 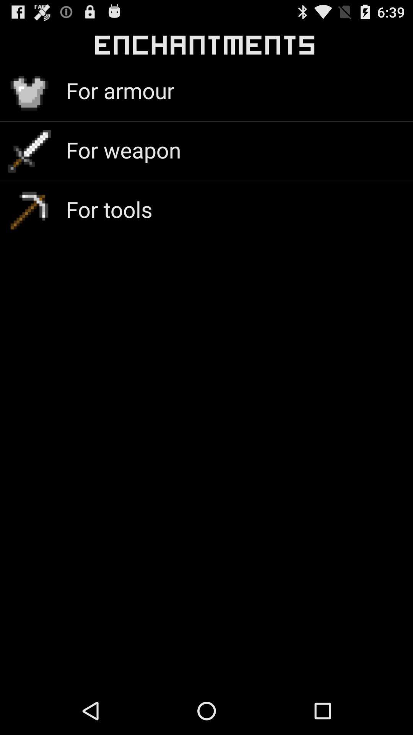 I want to click on the for tools app, so click(x=109, y=209).